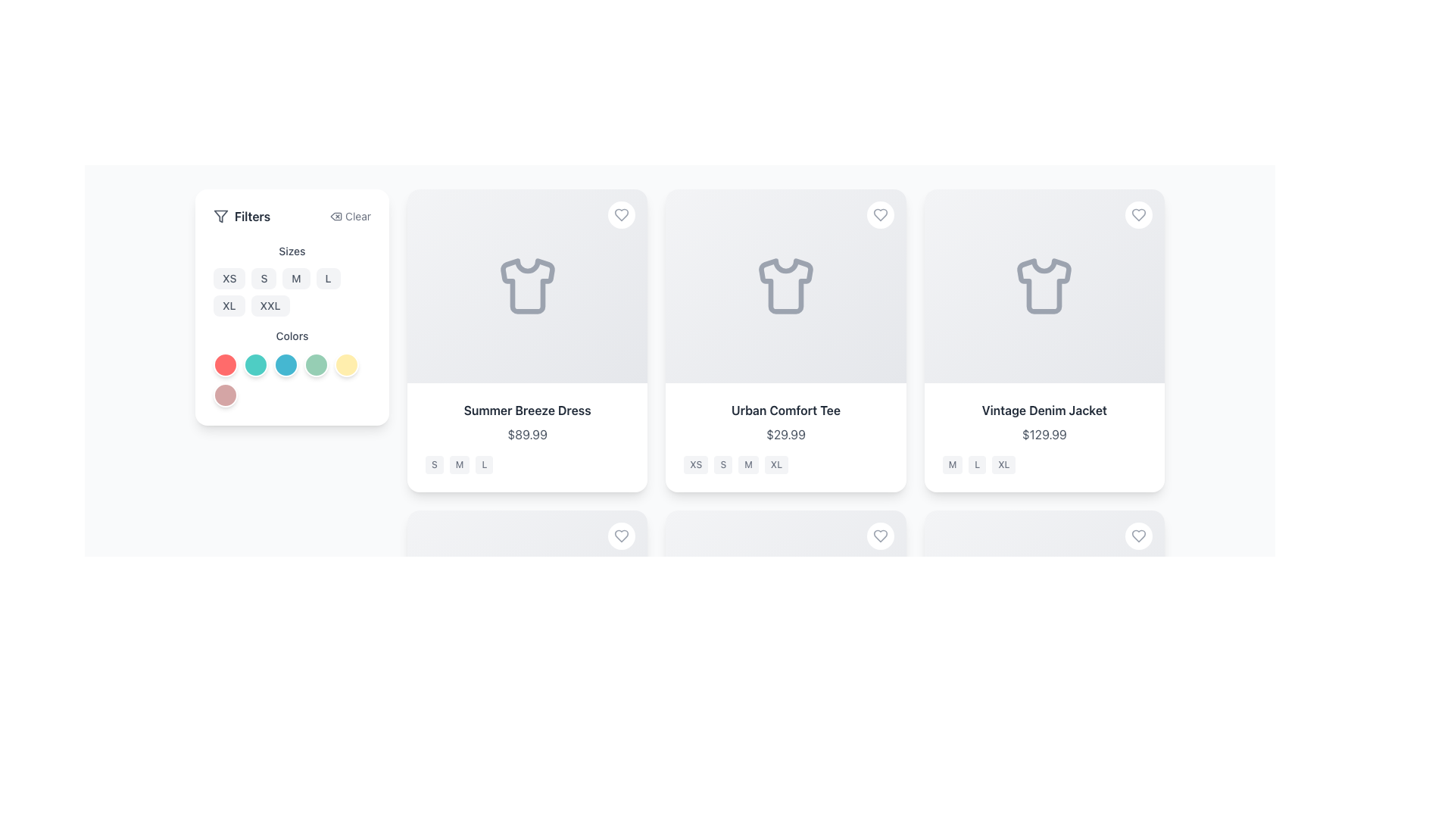 This screenshot has height=818, width=1454. Describe the element at coordinates (1044, 464) in the screenshot. I see `the group of size option selectors displaying 'M', 'L', and 'XL' for the product 'Vintage Denim Jacket'` at that location.